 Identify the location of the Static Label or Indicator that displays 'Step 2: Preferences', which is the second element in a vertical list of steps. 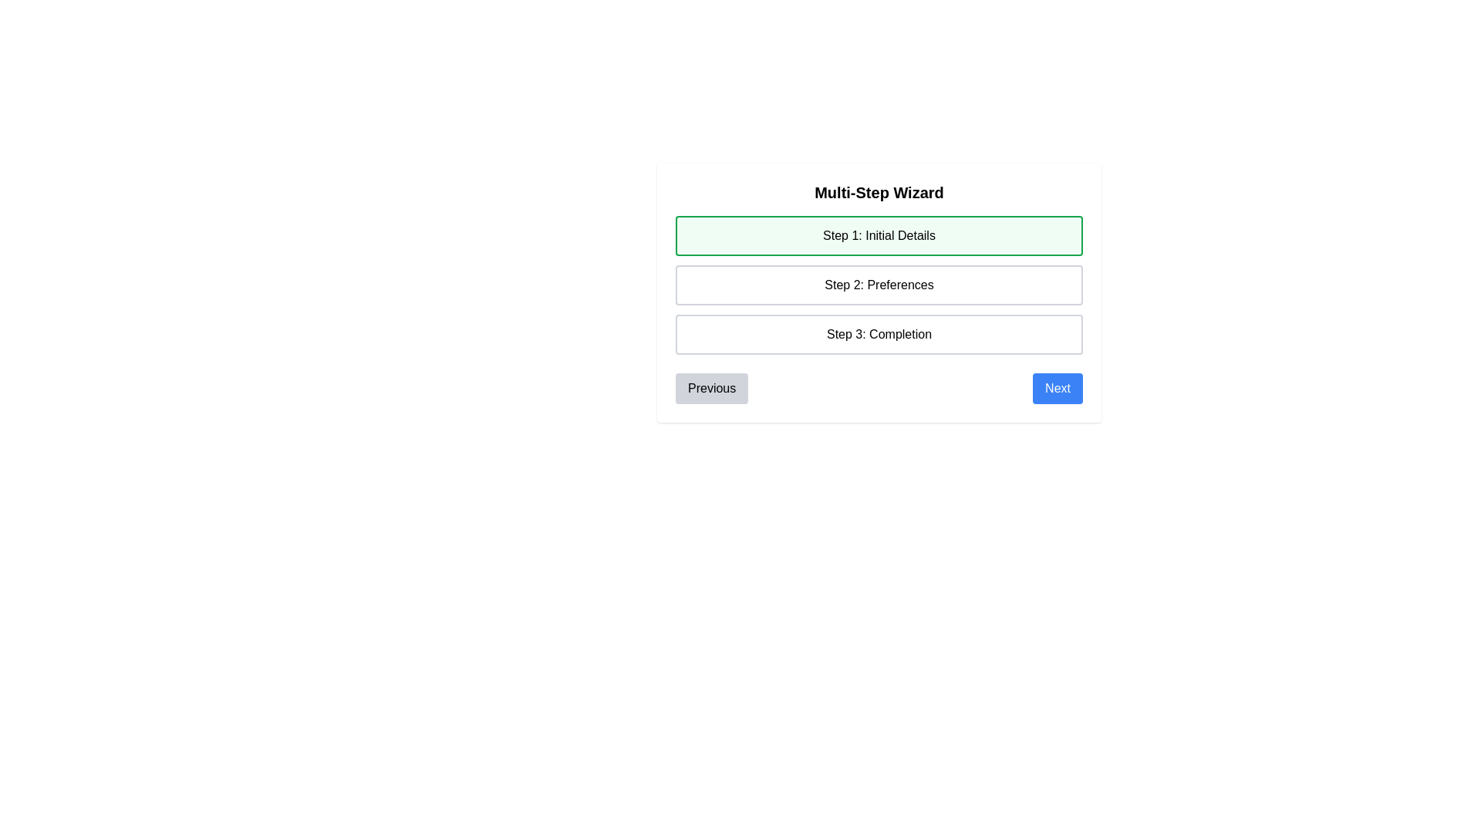
(879, 285).